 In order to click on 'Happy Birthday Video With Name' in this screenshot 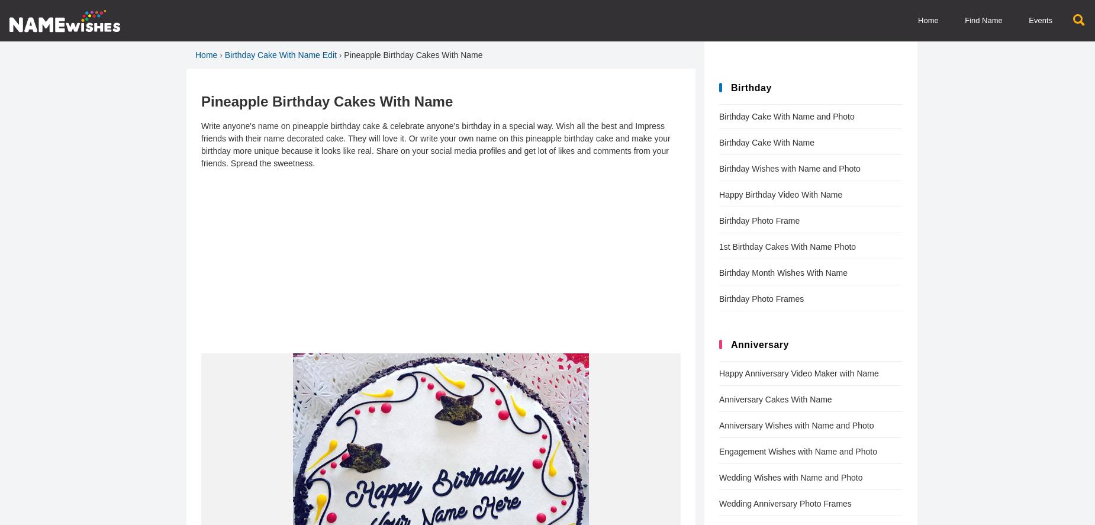, I will do `click(780, 194)`.